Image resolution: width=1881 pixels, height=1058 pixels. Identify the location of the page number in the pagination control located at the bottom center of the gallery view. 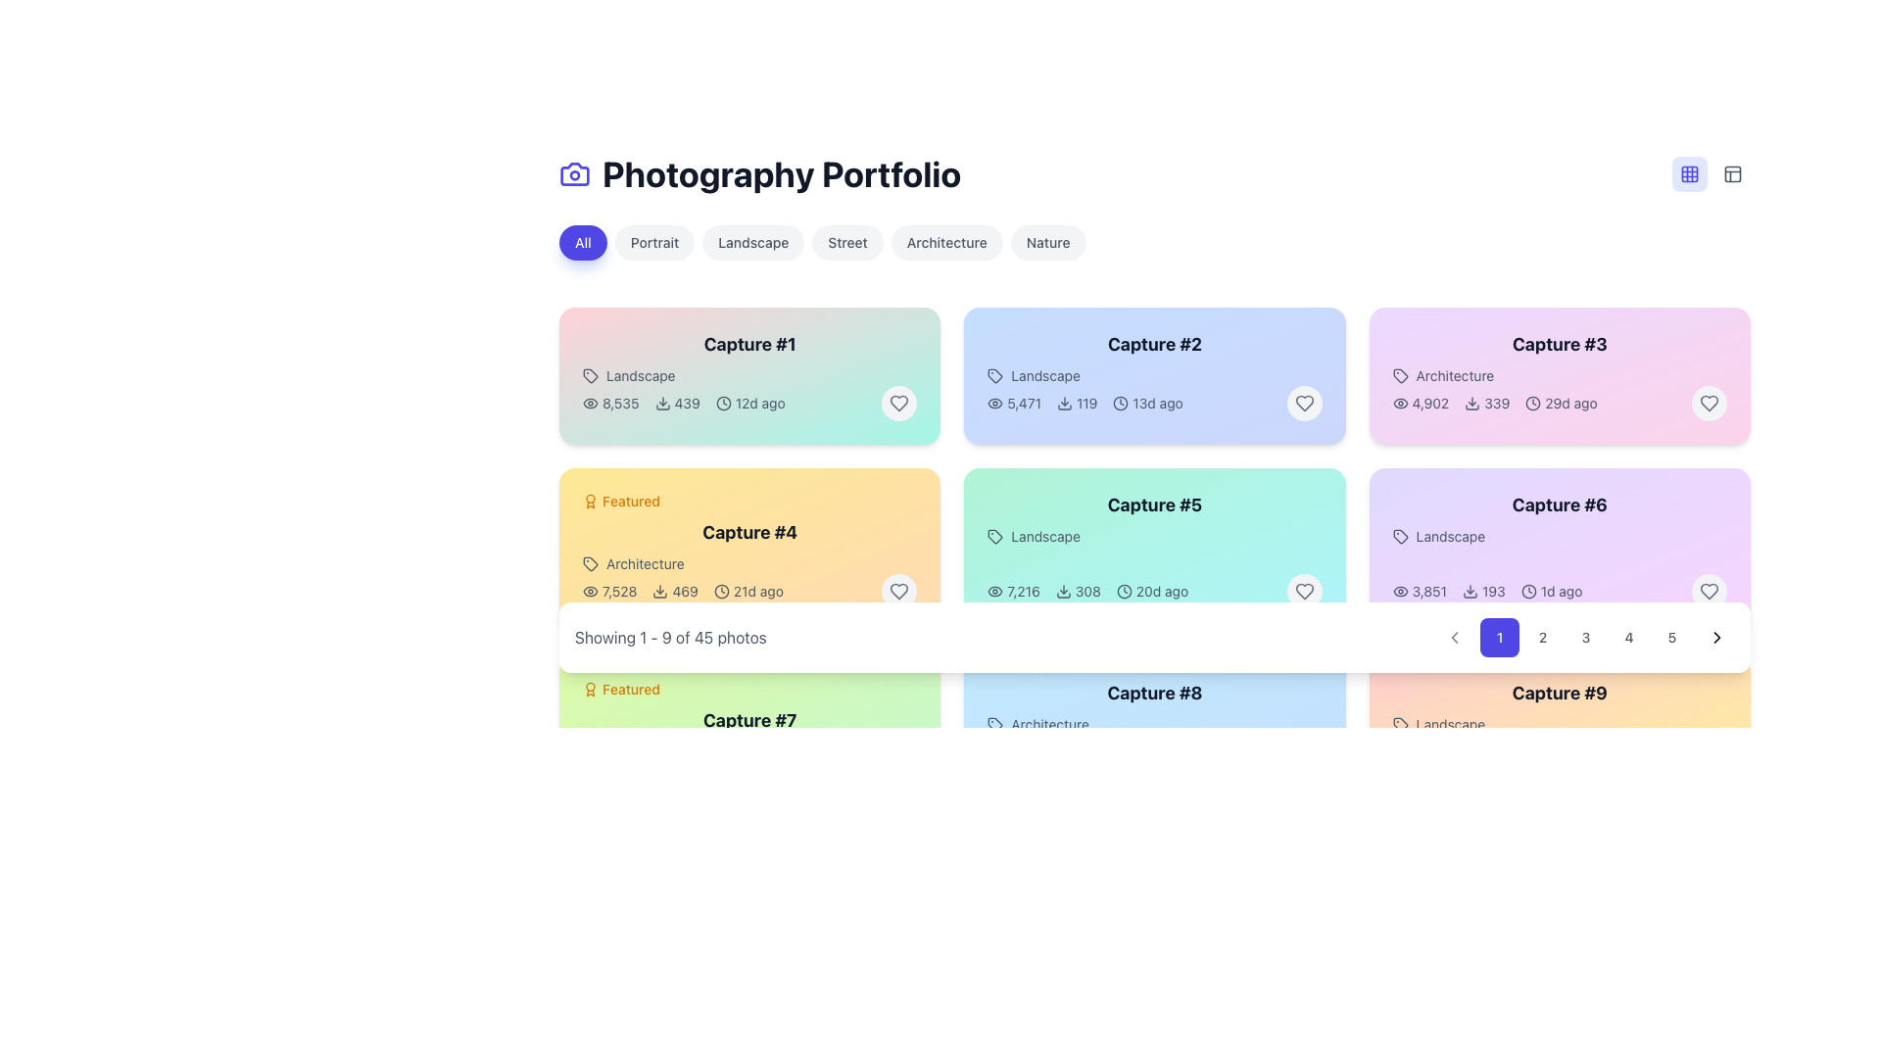
(1155, 638).